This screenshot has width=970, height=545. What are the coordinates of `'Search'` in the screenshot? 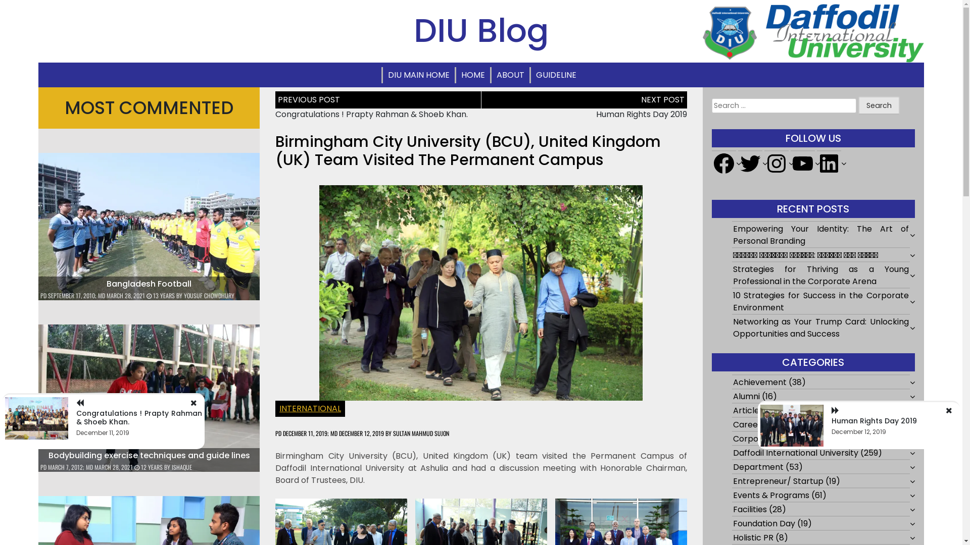 It's located at (879, 105).